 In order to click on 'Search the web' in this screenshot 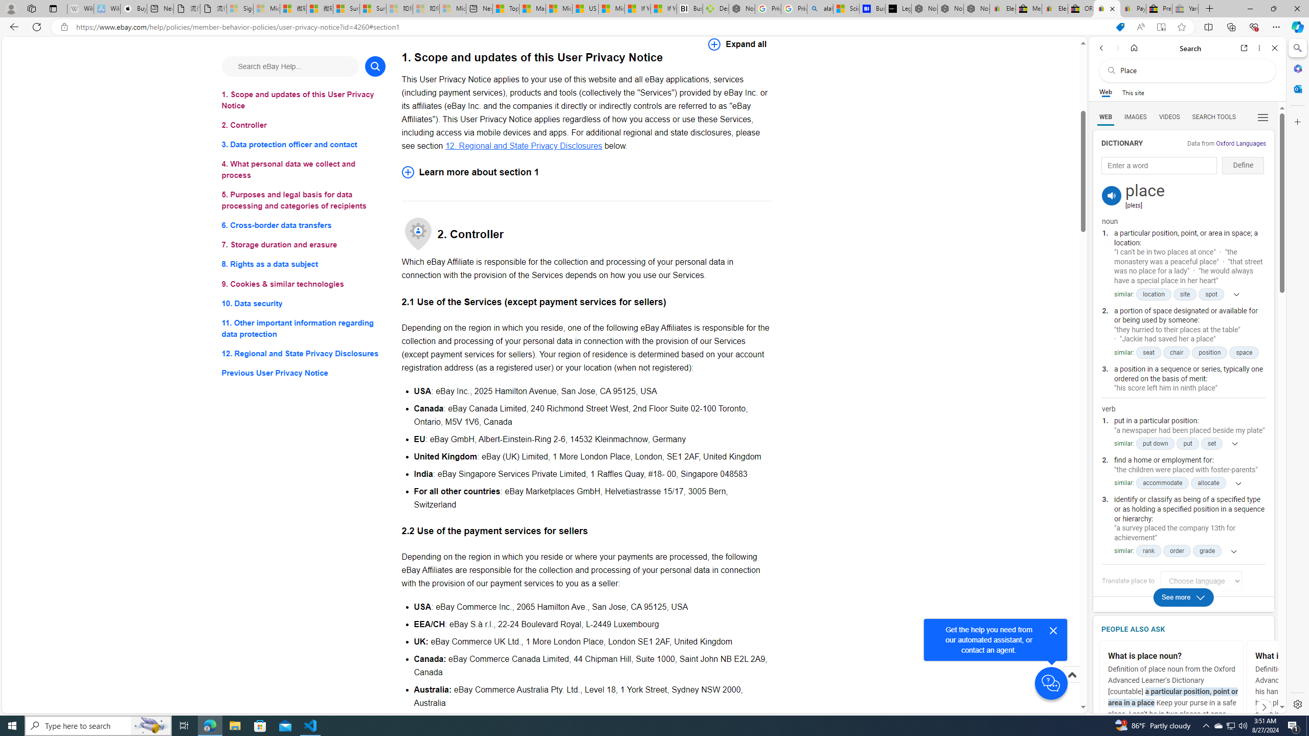, I will do `click(1192, 70)`.